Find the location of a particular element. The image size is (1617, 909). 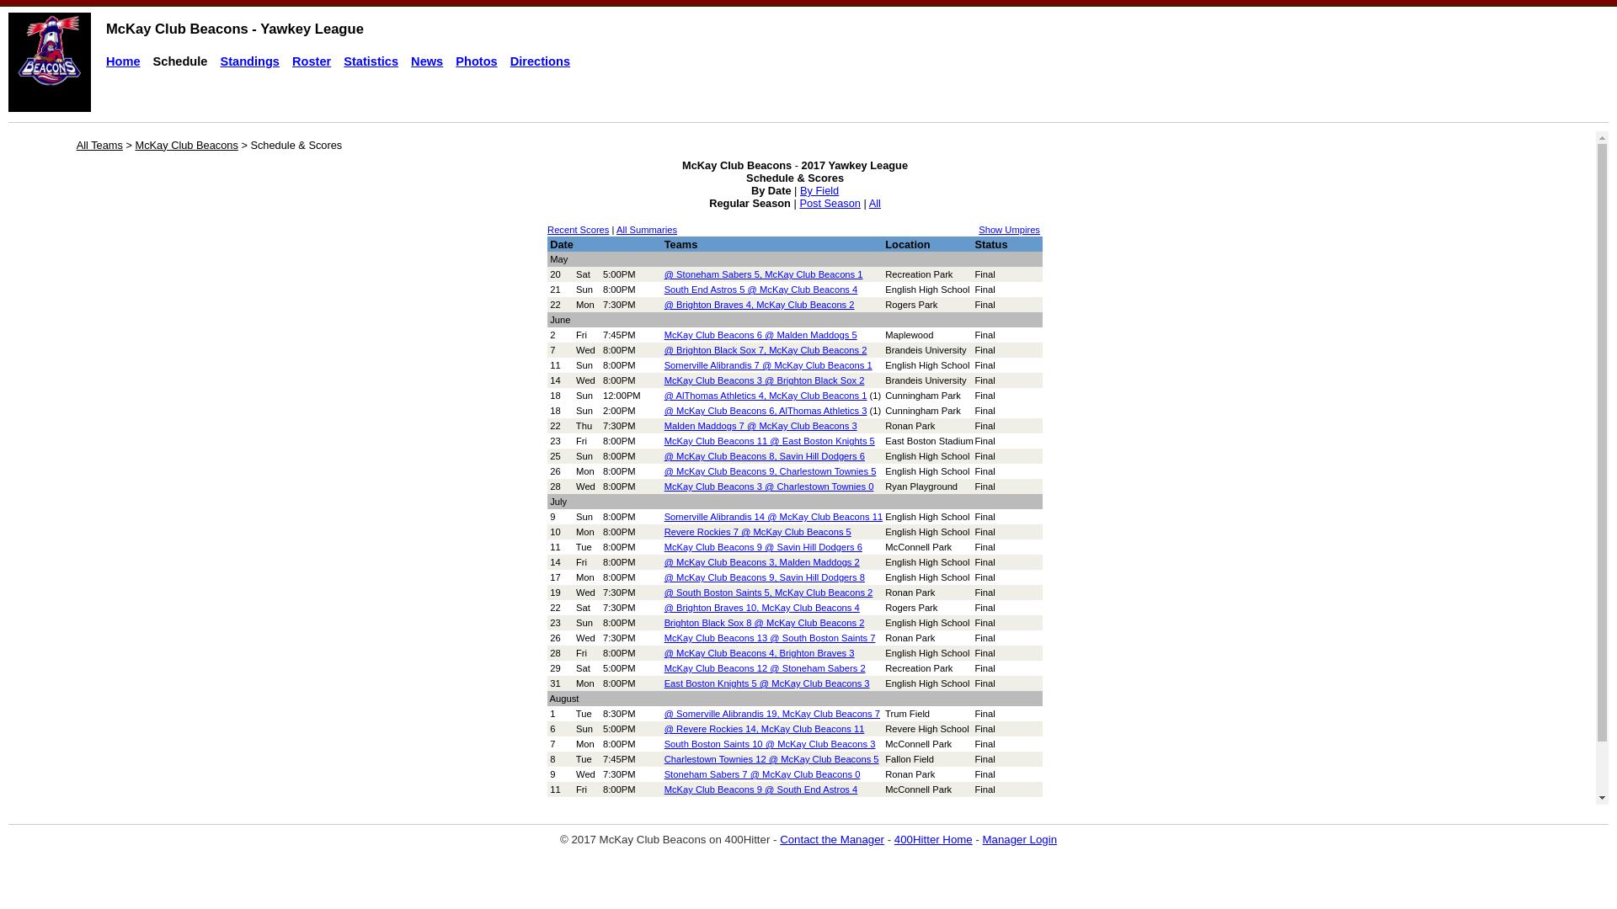

'News' is located at coordinates (427, 61).